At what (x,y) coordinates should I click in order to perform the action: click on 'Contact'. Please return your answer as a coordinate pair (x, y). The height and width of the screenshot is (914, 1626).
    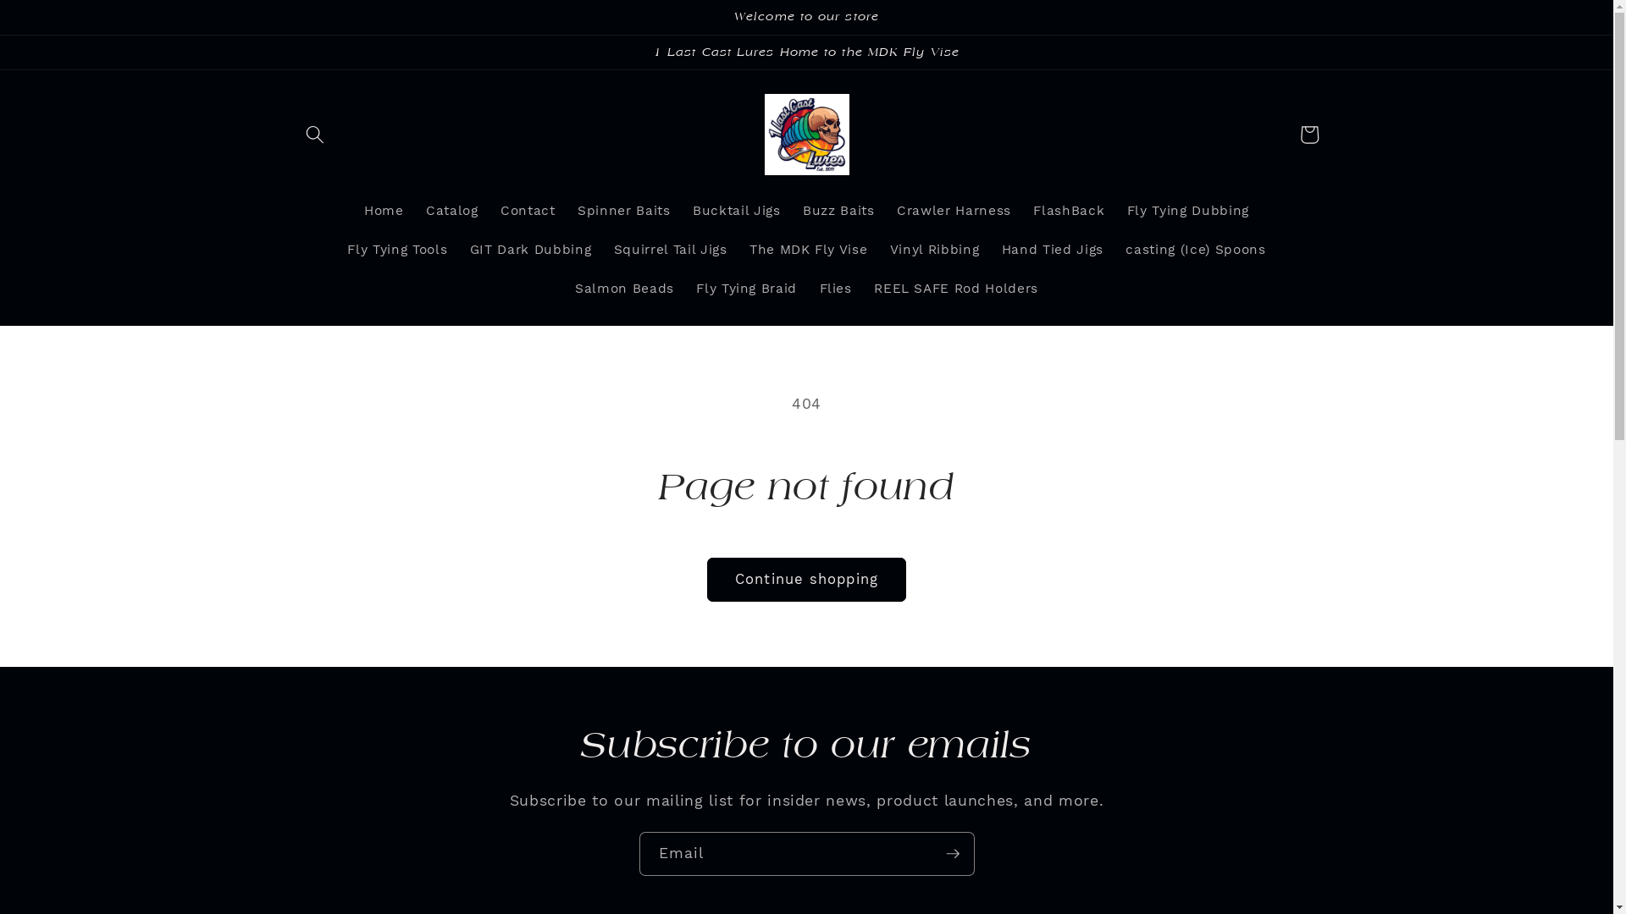
    Looking at the image, I should click on (488, 211).